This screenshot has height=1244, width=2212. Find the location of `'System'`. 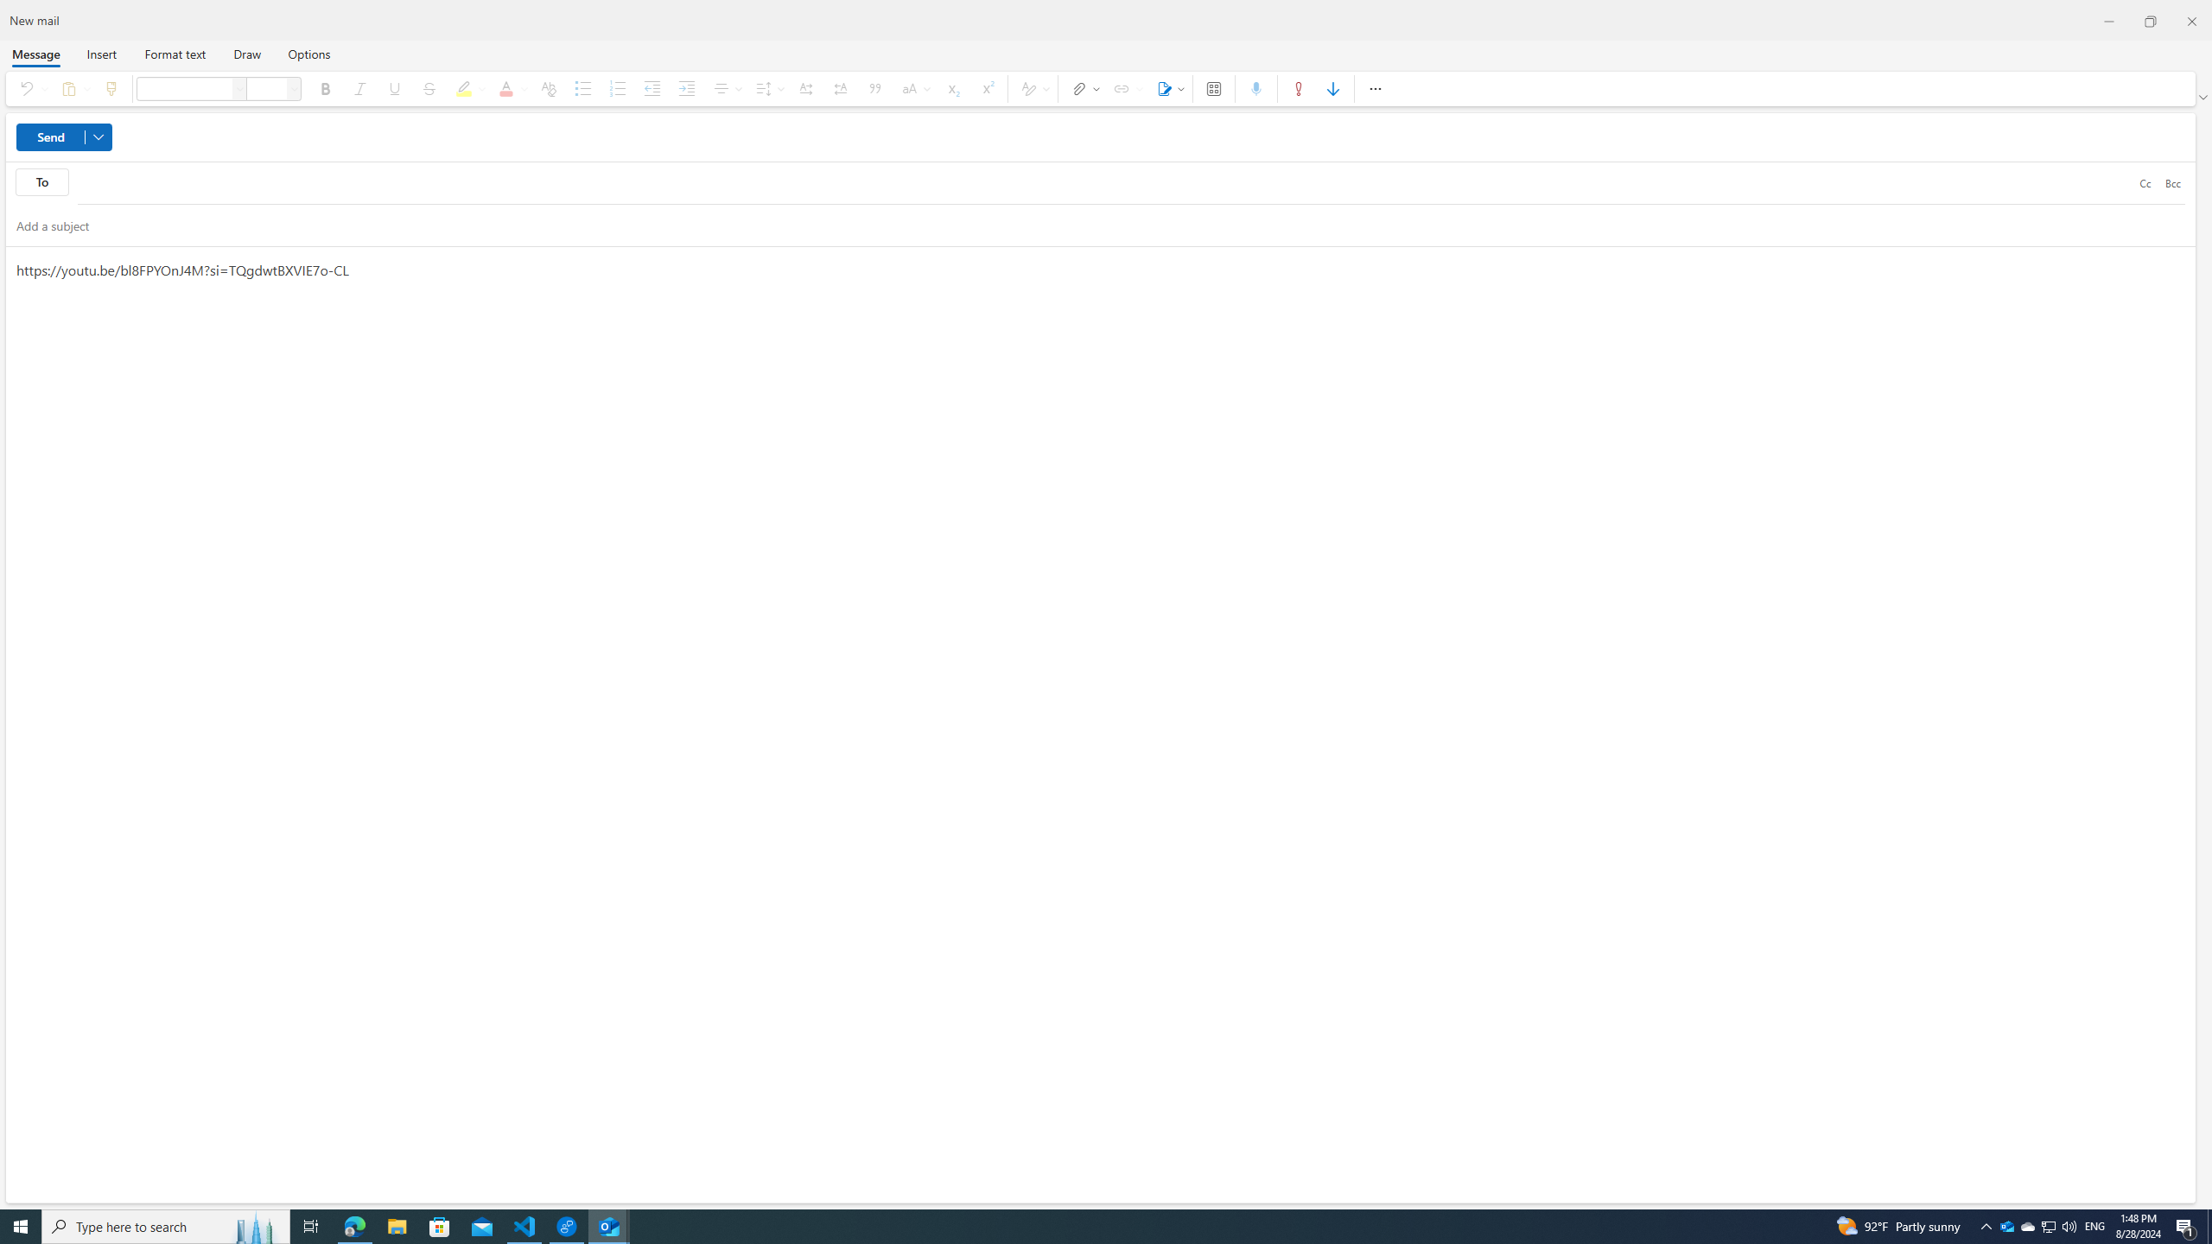

'System' is located at coordinates (10, 8).